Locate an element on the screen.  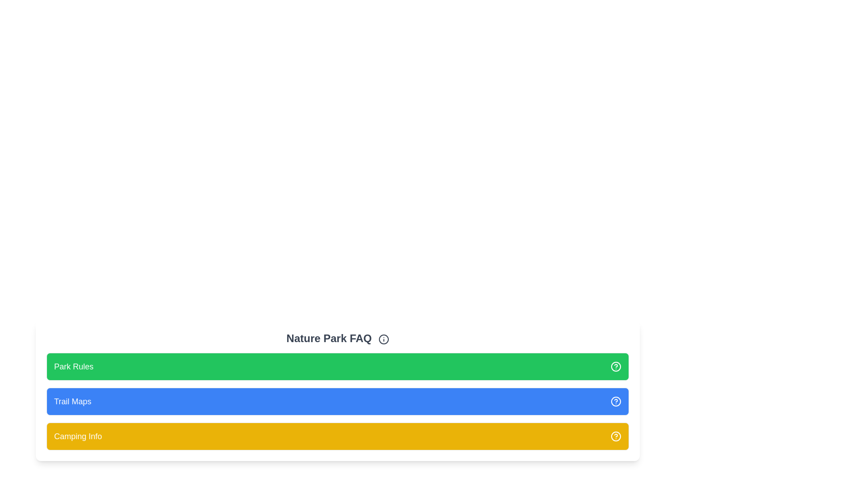
circular icon with a blue stroke and white background located on the right side of the blue rectangular button labeled 'Trail Maps' is located at coordinates (616, 401).